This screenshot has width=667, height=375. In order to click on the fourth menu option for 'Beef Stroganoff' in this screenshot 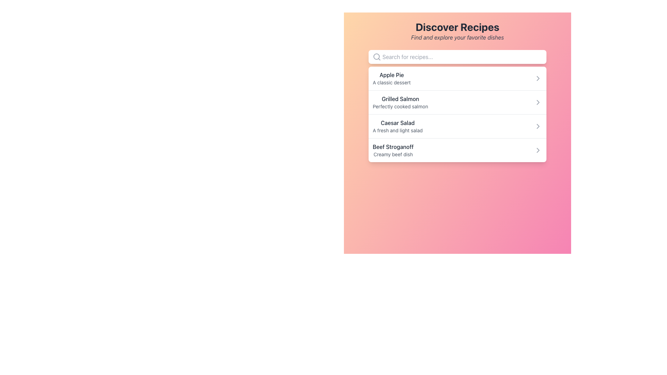, I will do `click(457, 150)`.